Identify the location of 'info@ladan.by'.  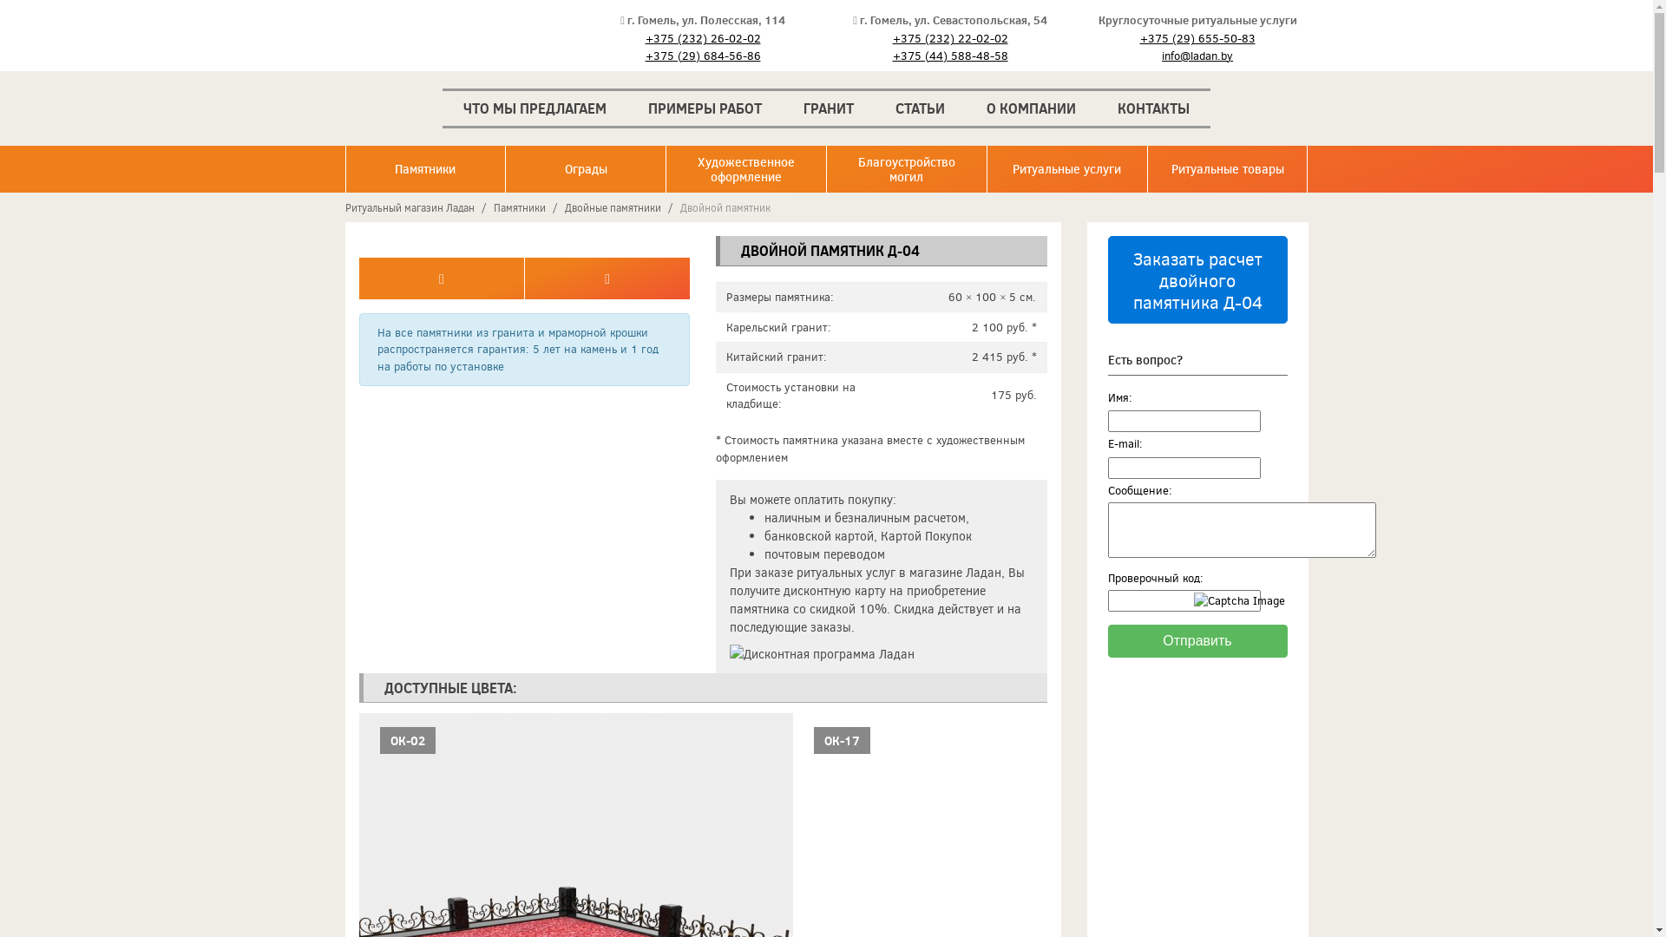
(1196, 55).